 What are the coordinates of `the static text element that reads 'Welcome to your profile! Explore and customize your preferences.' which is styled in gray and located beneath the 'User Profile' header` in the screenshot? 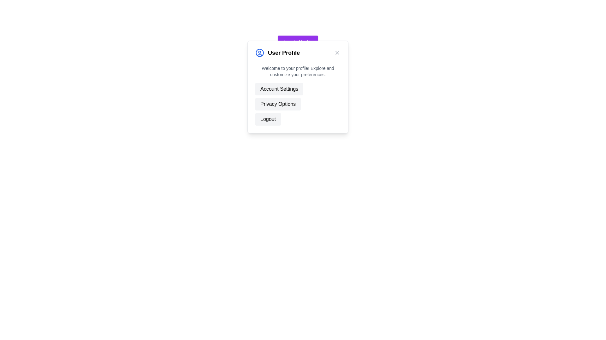 It's located at (298, 71).